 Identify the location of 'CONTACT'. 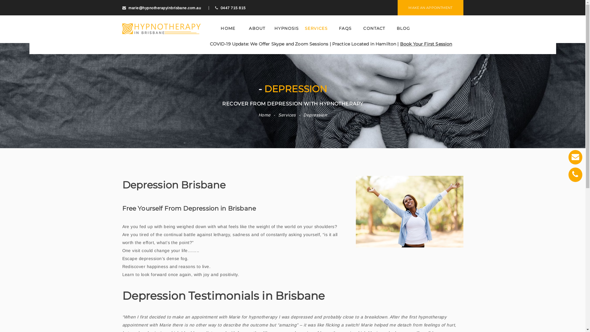
(360, 28).